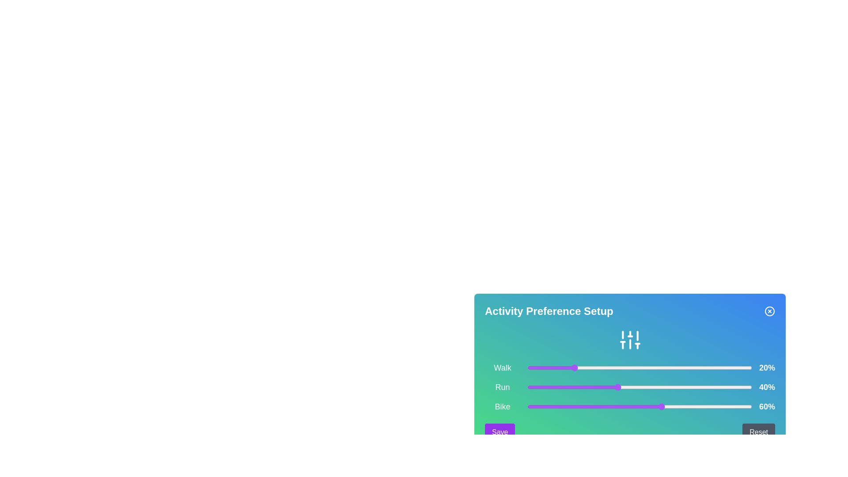 This screenshot has height=477, width=848. I want to click on the slider for 1 to 41%, so click(619, 386).